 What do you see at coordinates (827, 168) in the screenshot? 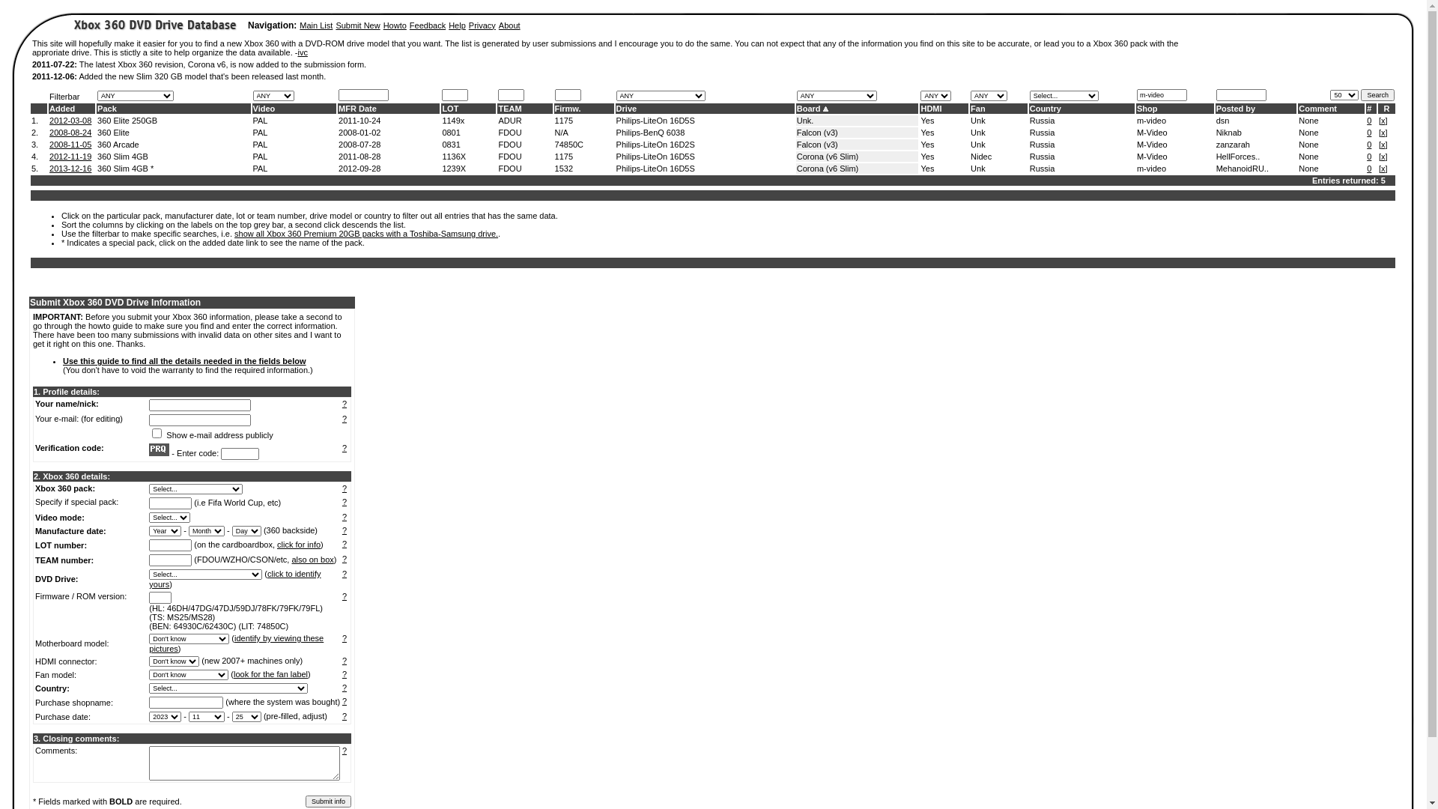
I see `'Corona (v6 Slim)'` at bounding box center [827, 168].